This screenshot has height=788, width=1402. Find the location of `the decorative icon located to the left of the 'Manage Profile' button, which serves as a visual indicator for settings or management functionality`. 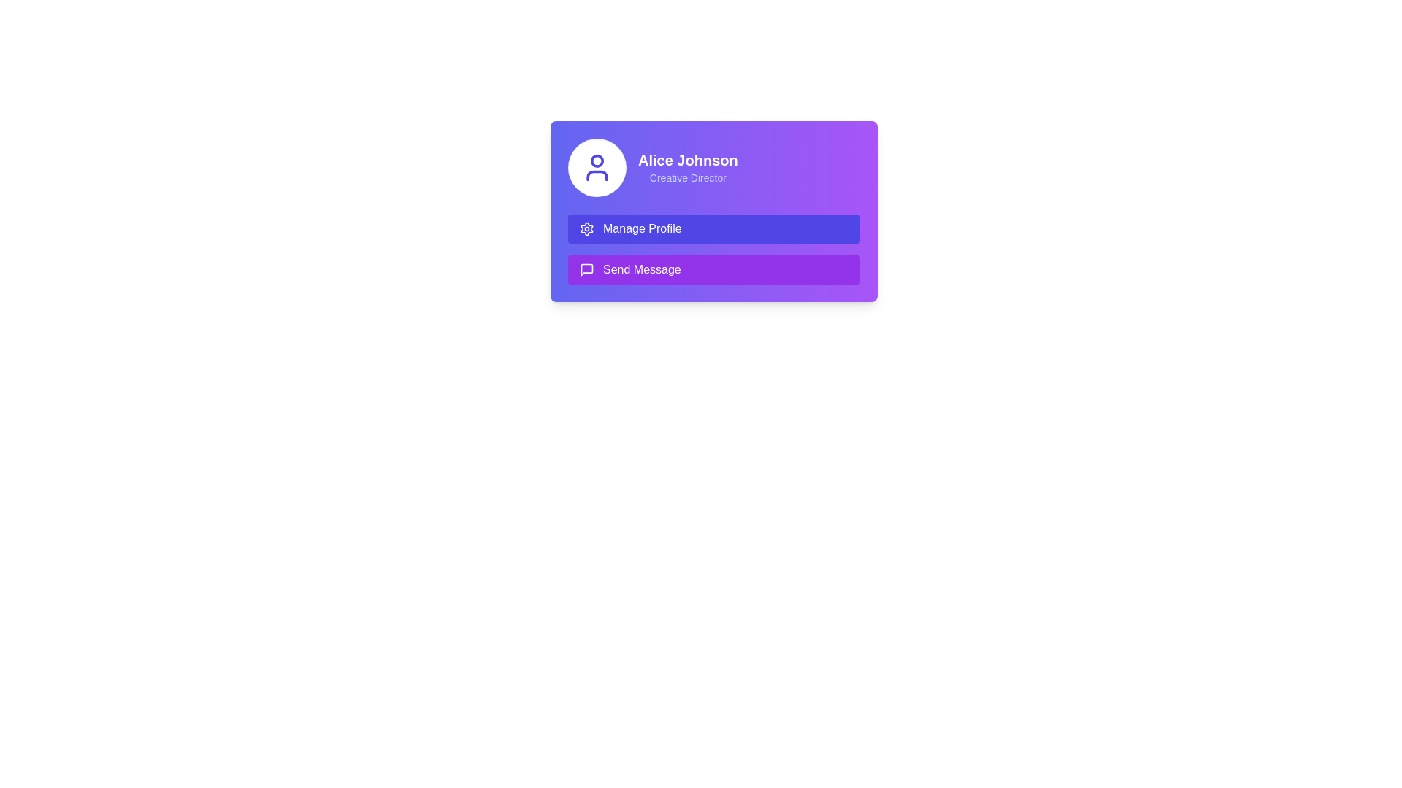

the decorative icon located to the left of the 'Manage Profile' button, which serves as a visual indicator for settings or management functionality is located at coordinates (587, 228).